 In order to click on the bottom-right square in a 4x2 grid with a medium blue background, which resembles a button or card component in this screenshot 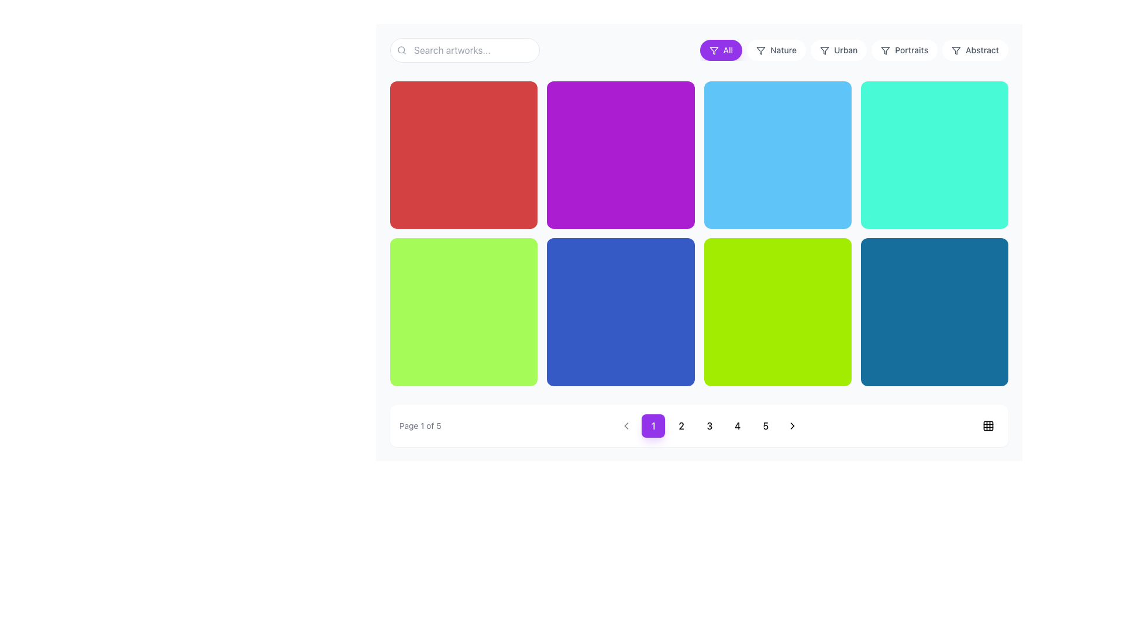, I will do `click(933, 311)`.